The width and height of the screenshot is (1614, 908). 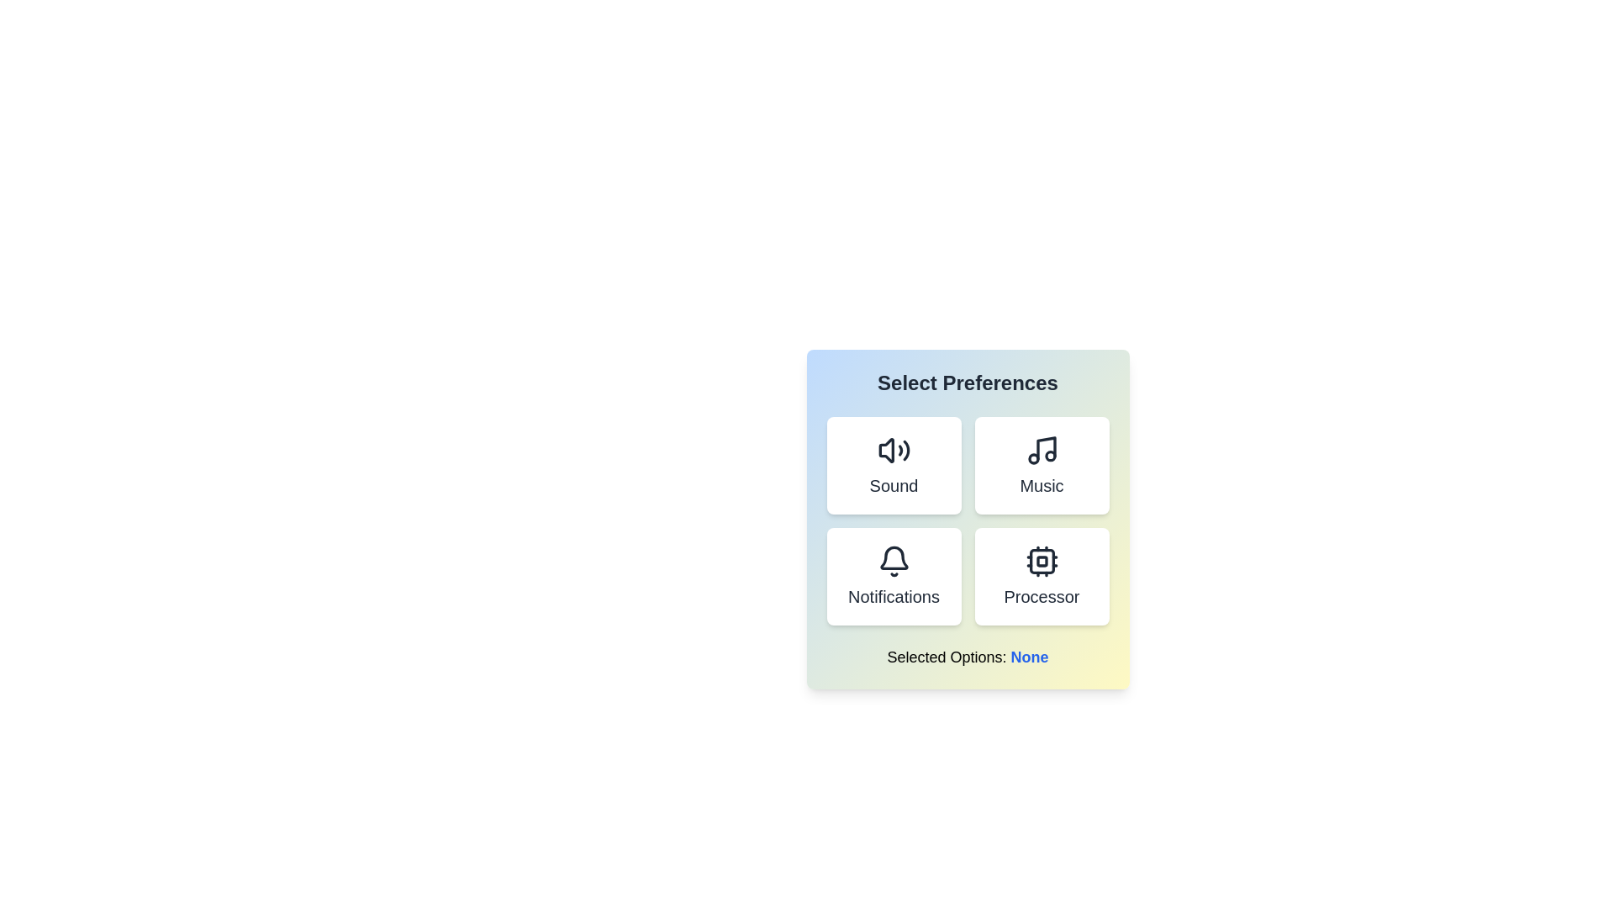 I want to click on the preference Notifications, so click(x=893, y=576).